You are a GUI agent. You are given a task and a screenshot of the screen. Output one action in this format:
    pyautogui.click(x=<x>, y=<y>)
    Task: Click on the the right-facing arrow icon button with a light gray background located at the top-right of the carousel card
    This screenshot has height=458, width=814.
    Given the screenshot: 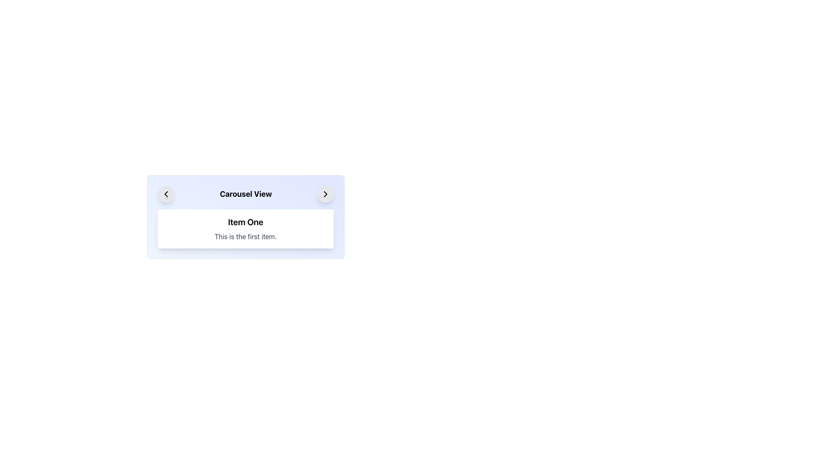 What is the action you would take?
    pyautogui.click(x=325, y=194)
    